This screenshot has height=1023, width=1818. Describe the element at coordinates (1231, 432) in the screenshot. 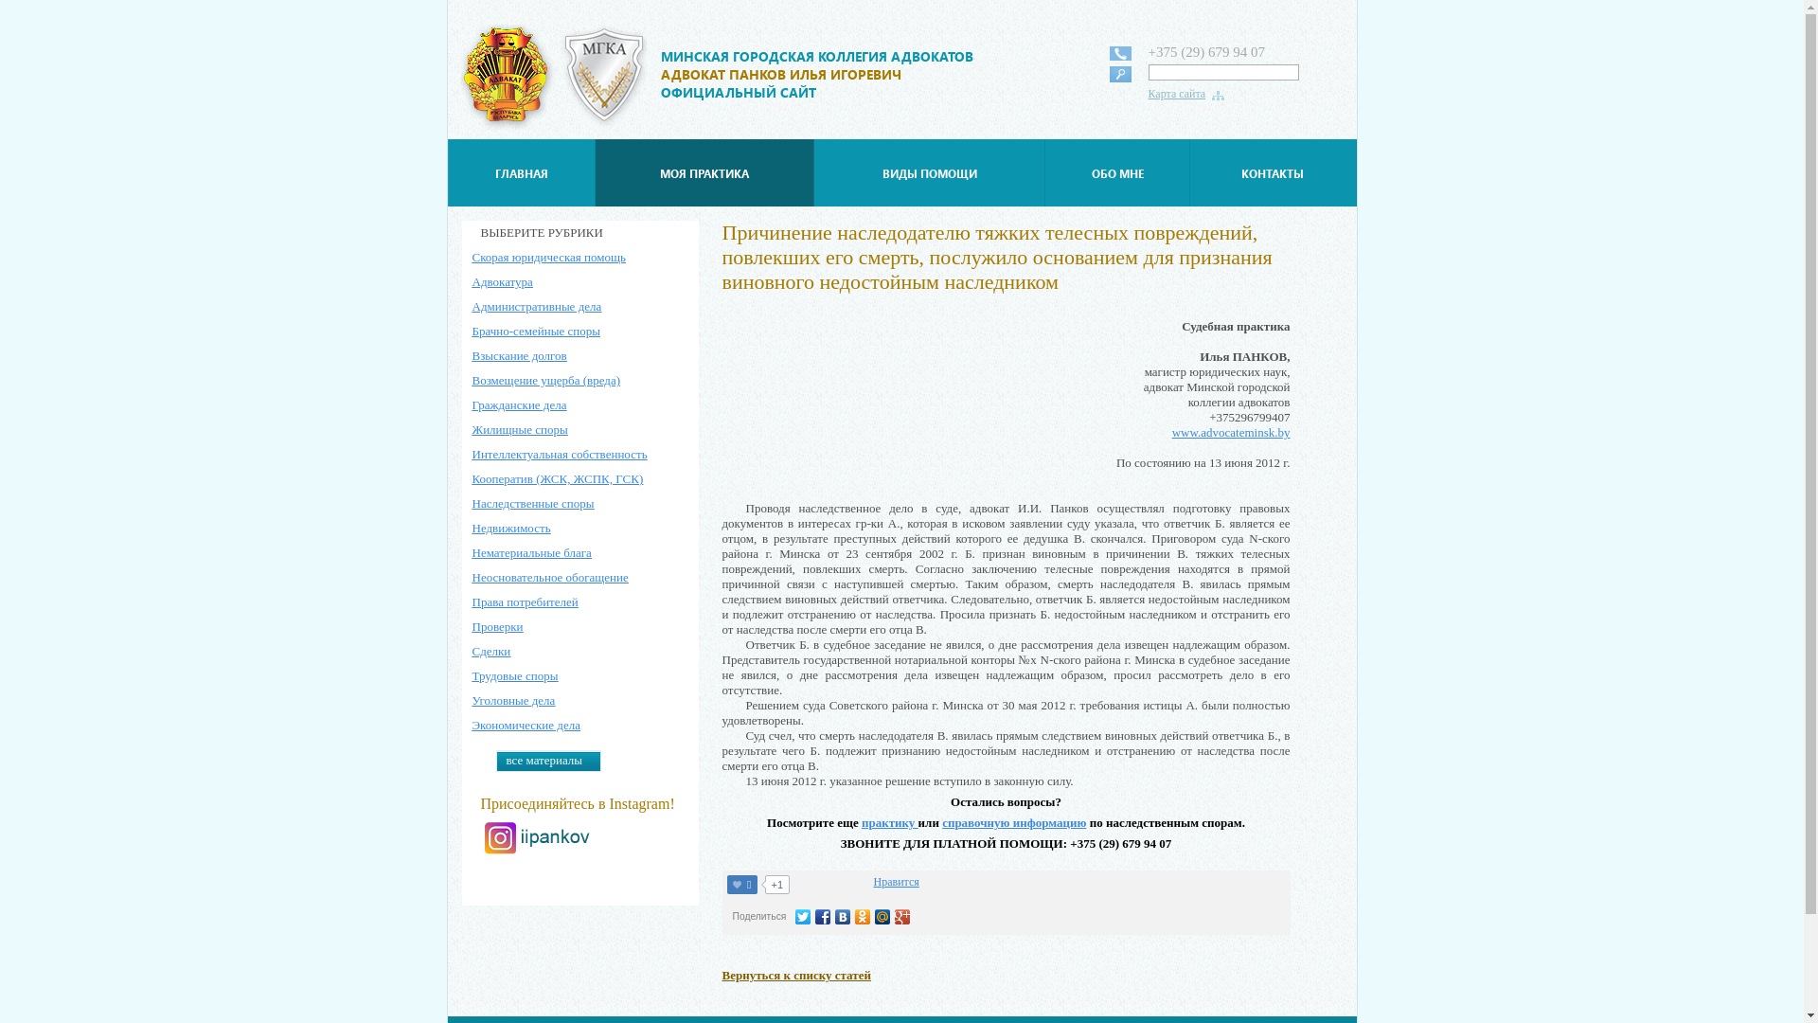

I see `'www.advocateminsk.by'` at that location.